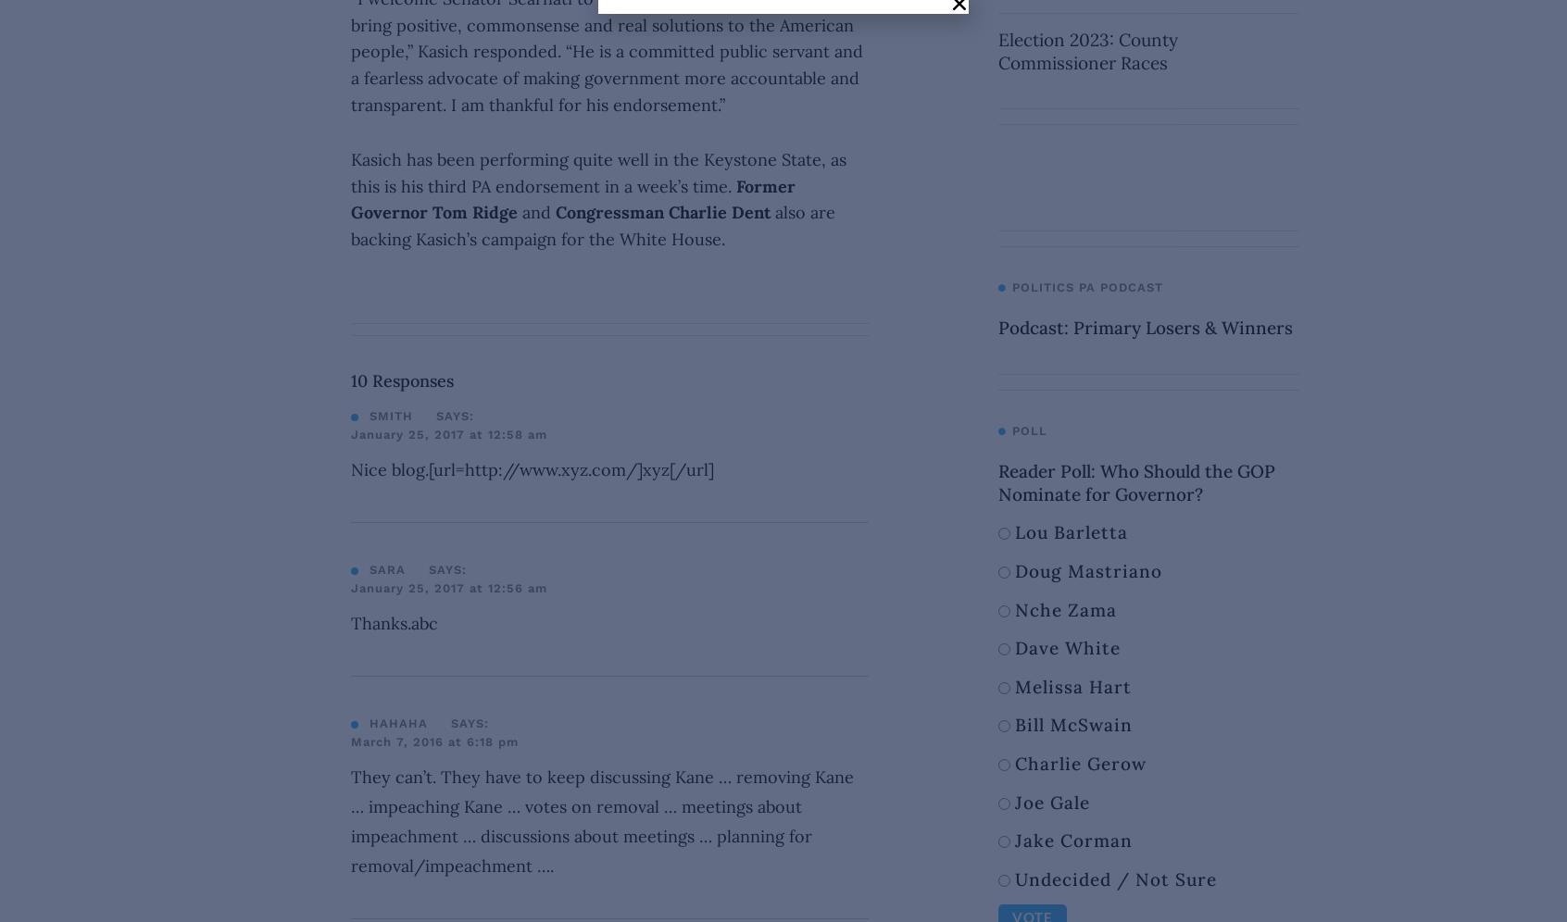  I want to click on 'Poll', so click(1028, 430).